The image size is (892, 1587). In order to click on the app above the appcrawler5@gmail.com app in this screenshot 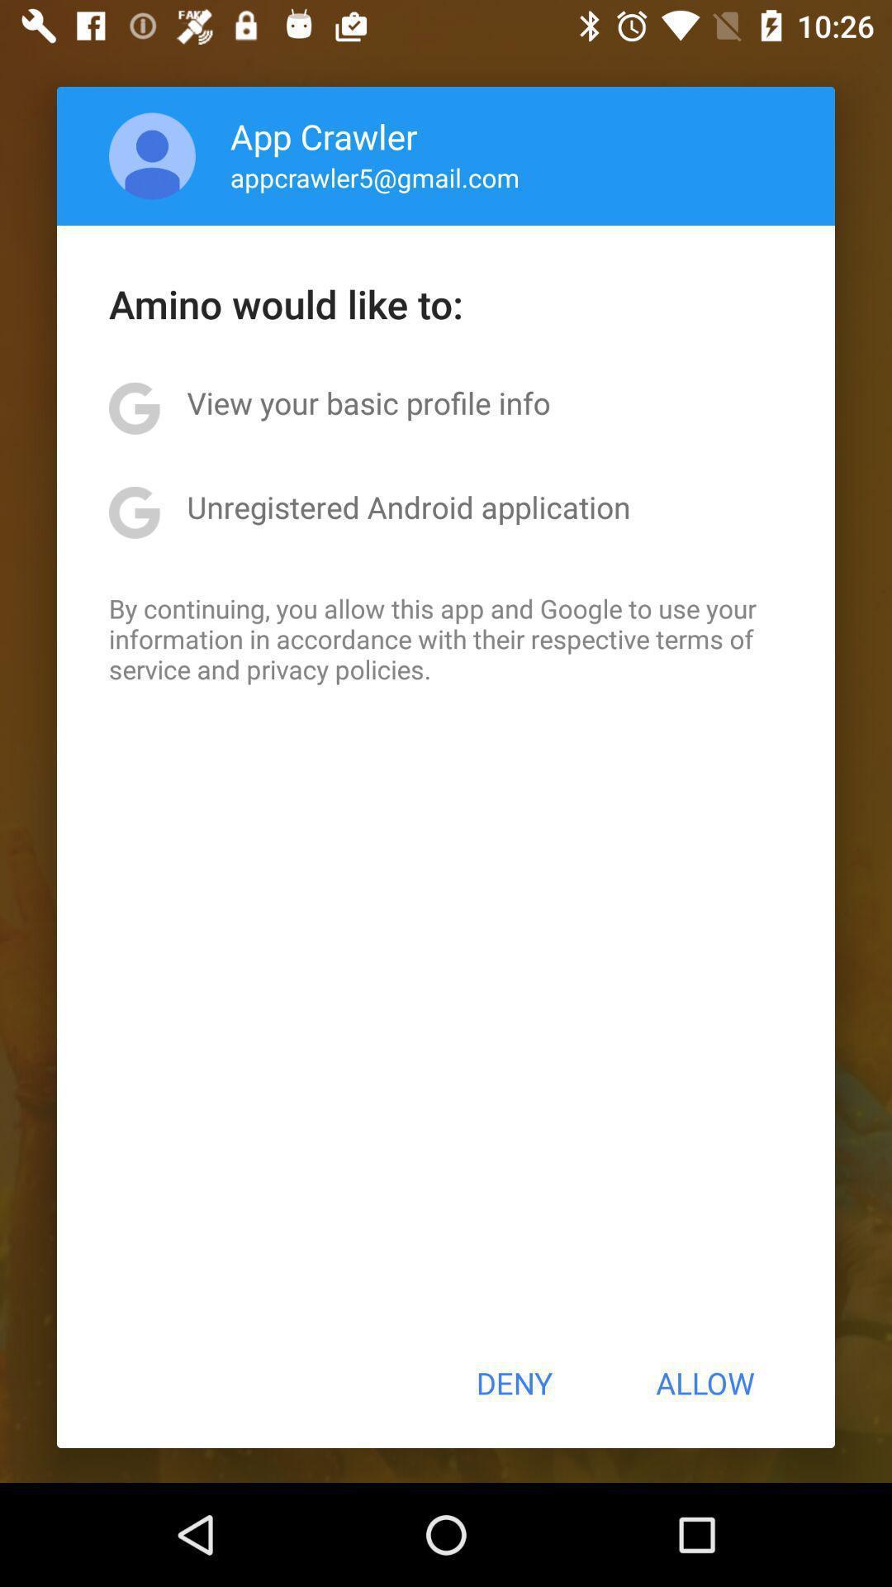, I will do `click(324, 136)`.